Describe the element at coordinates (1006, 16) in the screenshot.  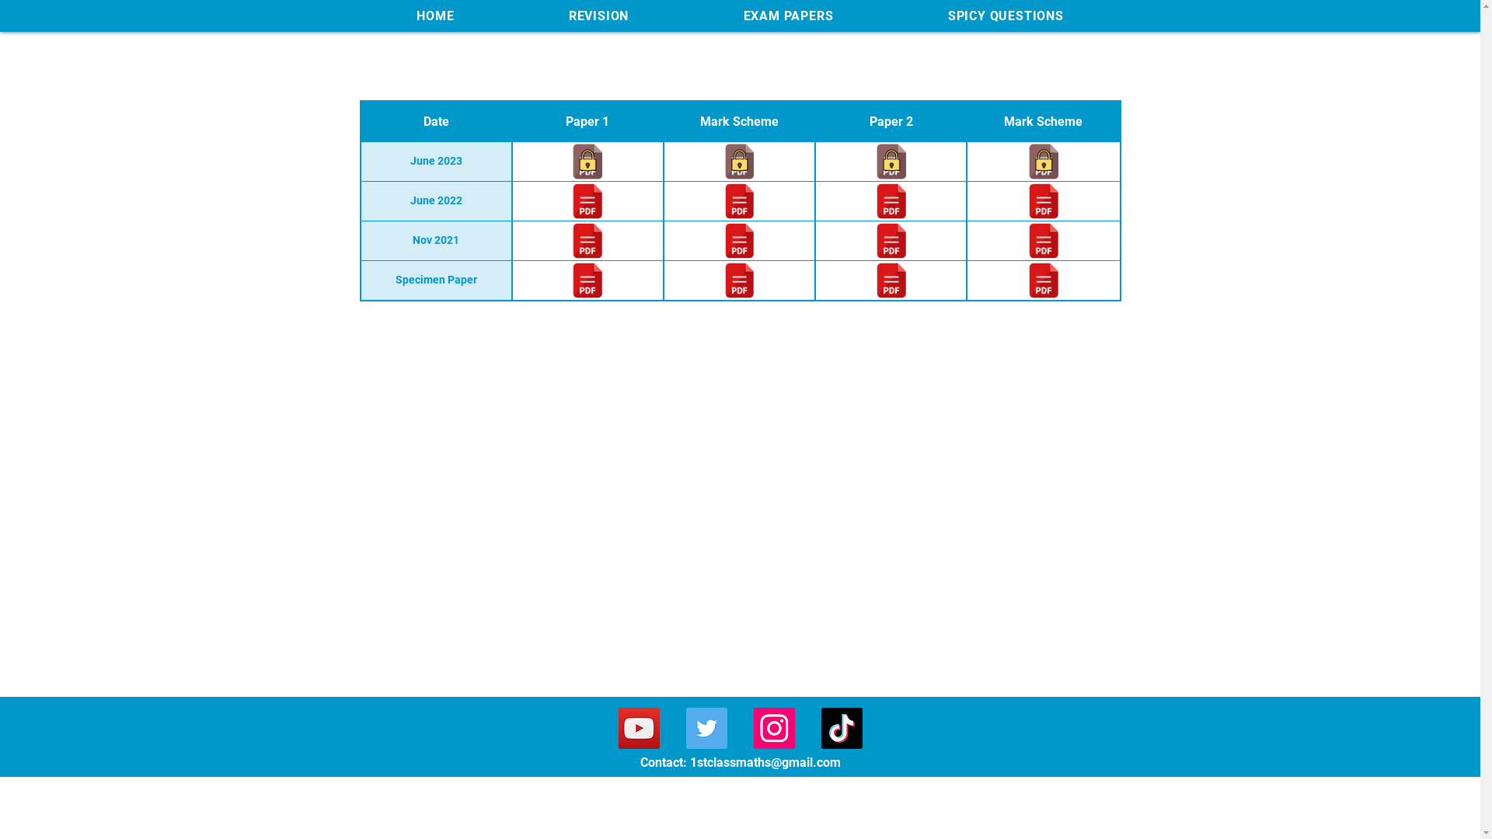
I see `'SPICY QUESTIONS'` at that location.